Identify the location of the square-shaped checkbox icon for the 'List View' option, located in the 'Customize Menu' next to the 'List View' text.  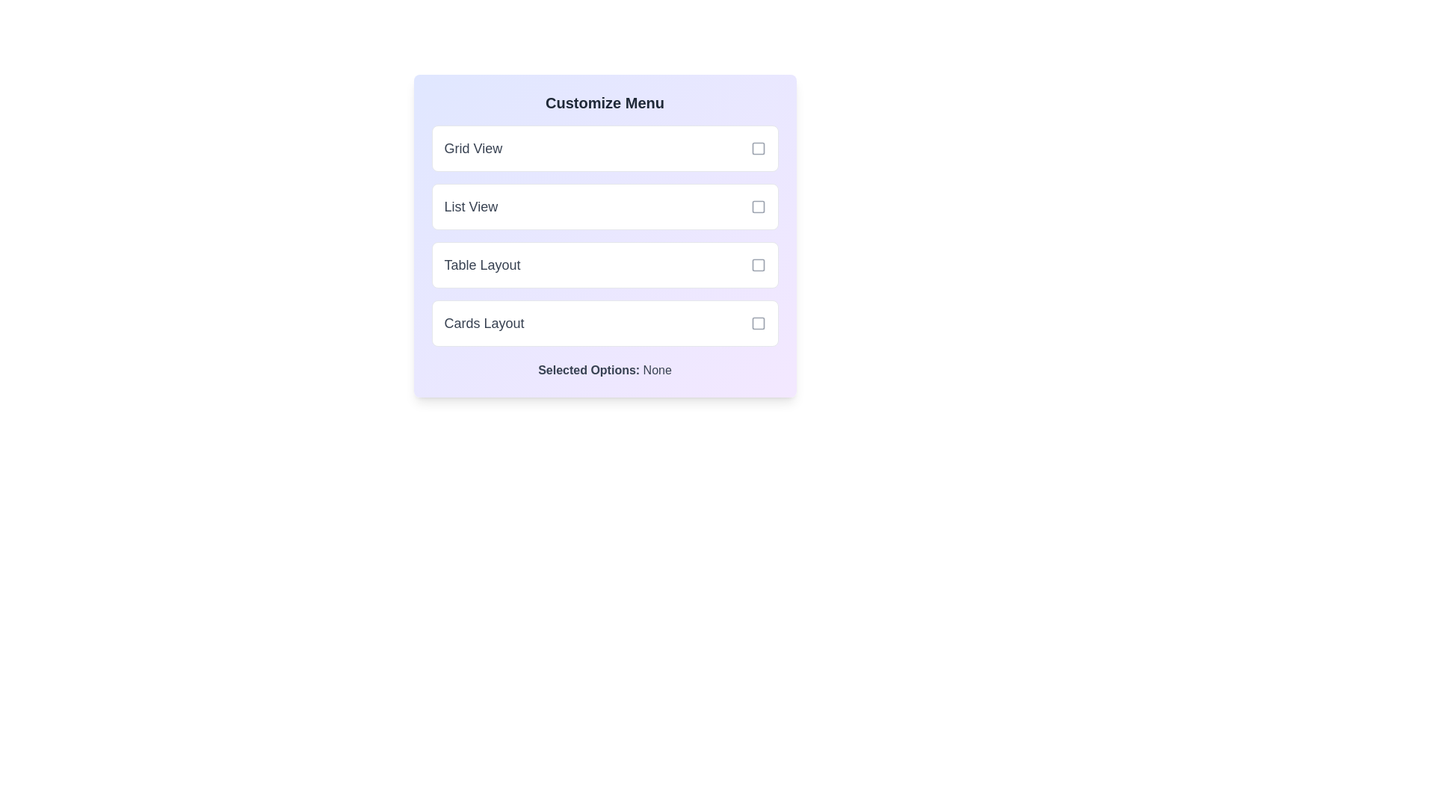
(758, 207).